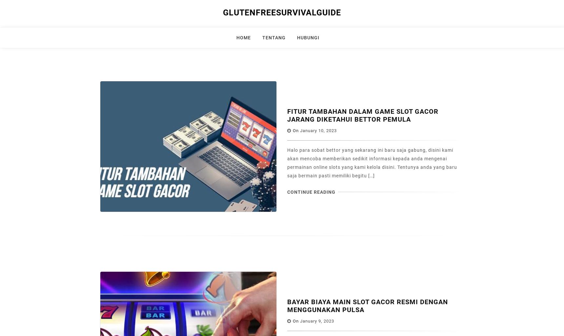  Describe the element at coordinates (243, 38) in the screenshot. I see `'Home'` at that location.